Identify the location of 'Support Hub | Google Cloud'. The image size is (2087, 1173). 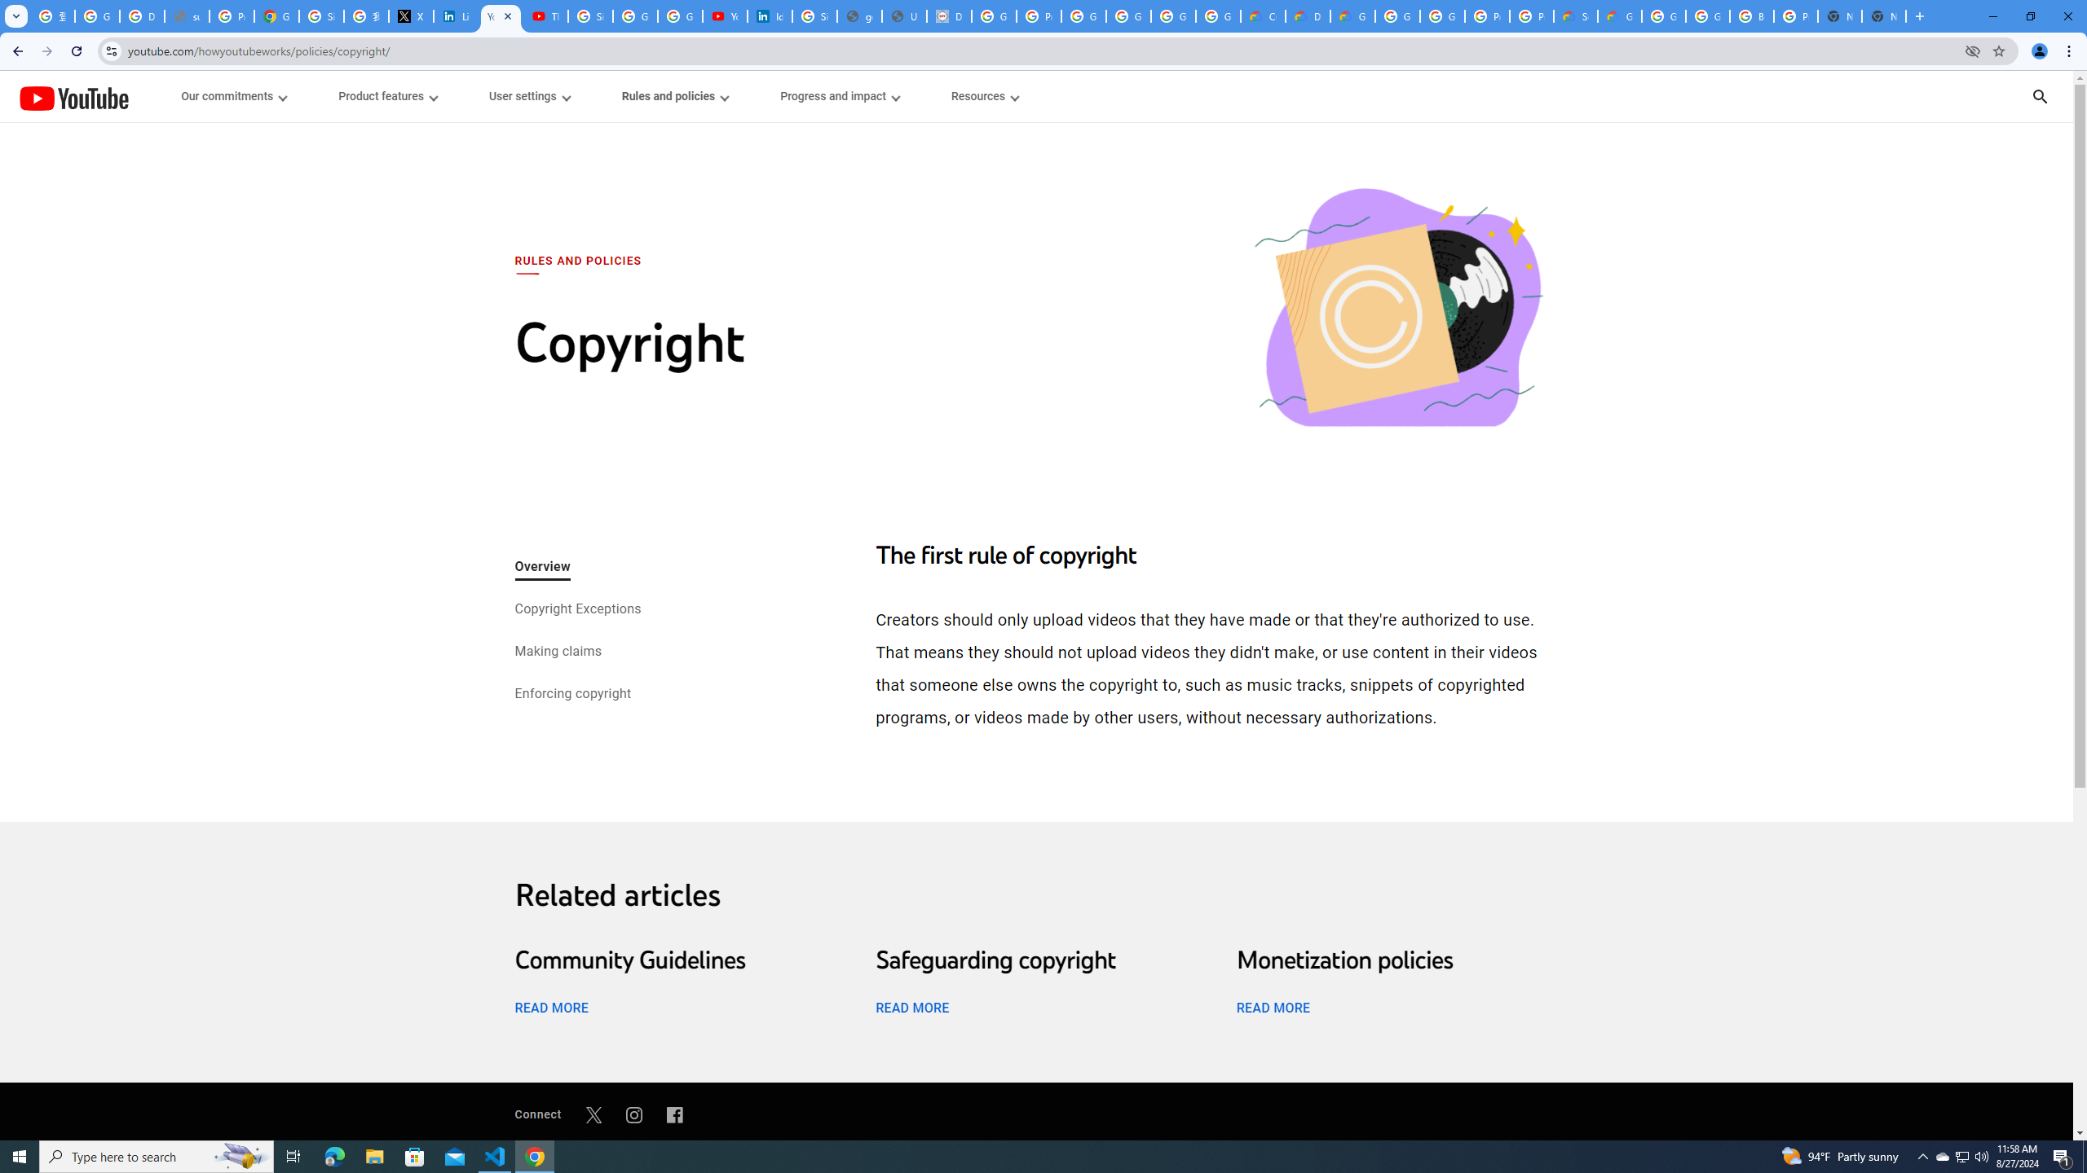
(1575, 15).